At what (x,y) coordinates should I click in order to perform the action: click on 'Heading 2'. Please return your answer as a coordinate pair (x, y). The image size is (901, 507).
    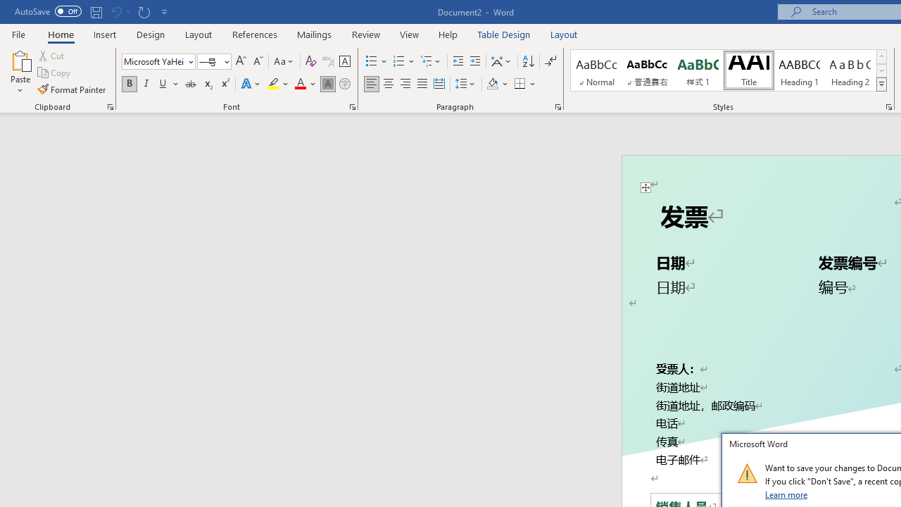
    Looking at the image, I should click on (850, 70).